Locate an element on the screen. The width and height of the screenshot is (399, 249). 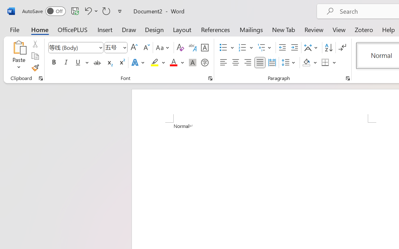
'Shading RGB(0, 0, 0)' is located at coordinates (306, 63).